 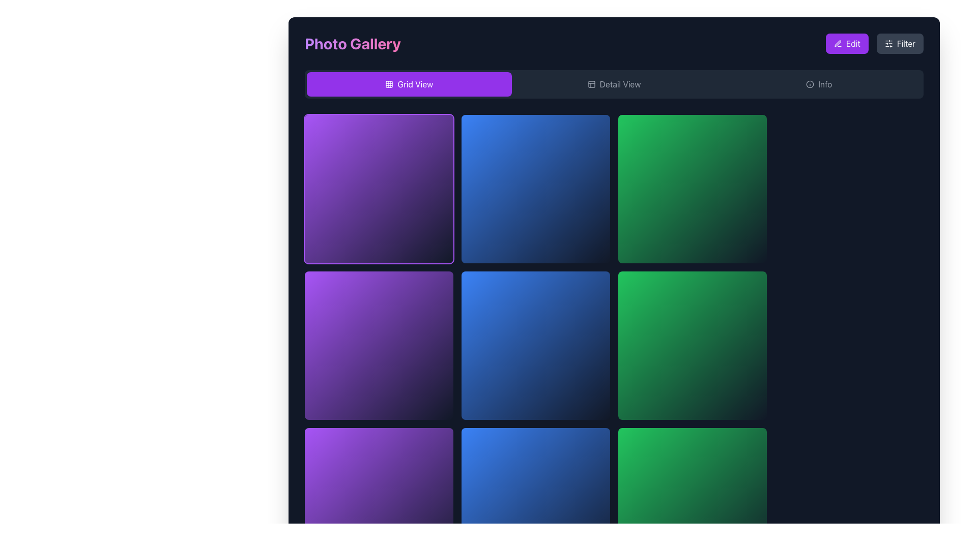 What do you see at coordinates (389, 83) in the screenshot?
I see `the grid-like icon with a purple background, which is centrally positioned within the 'Grid View' button` at bounding box center [389, 83].